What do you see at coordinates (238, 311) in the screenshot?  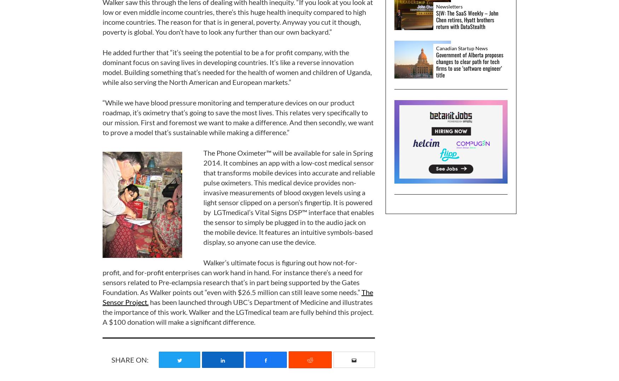 I see `'has been launched through UBC’s Department of Medicine and illustrates the importance of this work. Walker and the LGTmedical team are fully behind this project. A $100 donation will make a significant difference.'` at bounding box center [238, 311].